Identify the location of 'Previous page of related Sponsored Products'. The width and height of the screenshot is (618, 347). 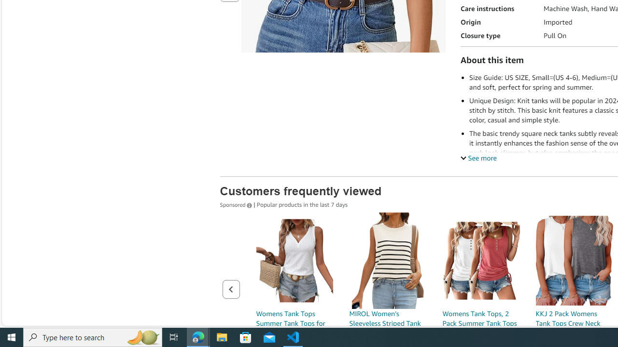
(230, 289).